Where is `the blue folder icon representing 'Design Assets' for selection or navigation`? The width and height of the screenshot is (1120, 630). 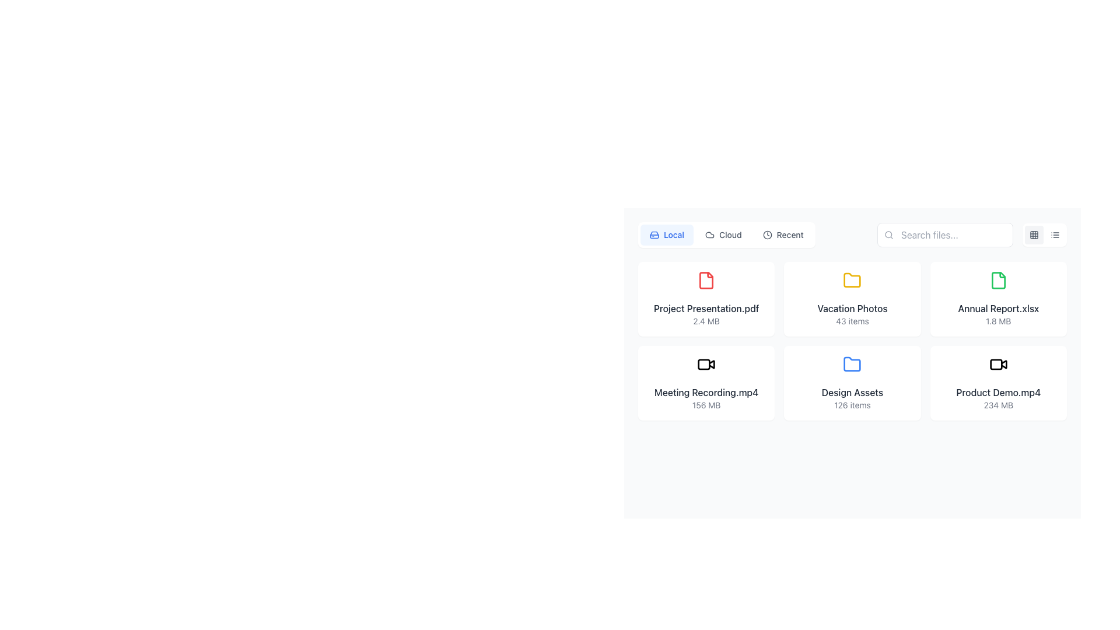 the blue folder icon representing 'Design Assets' for selection or navigation is located at coordinates (852, 363).